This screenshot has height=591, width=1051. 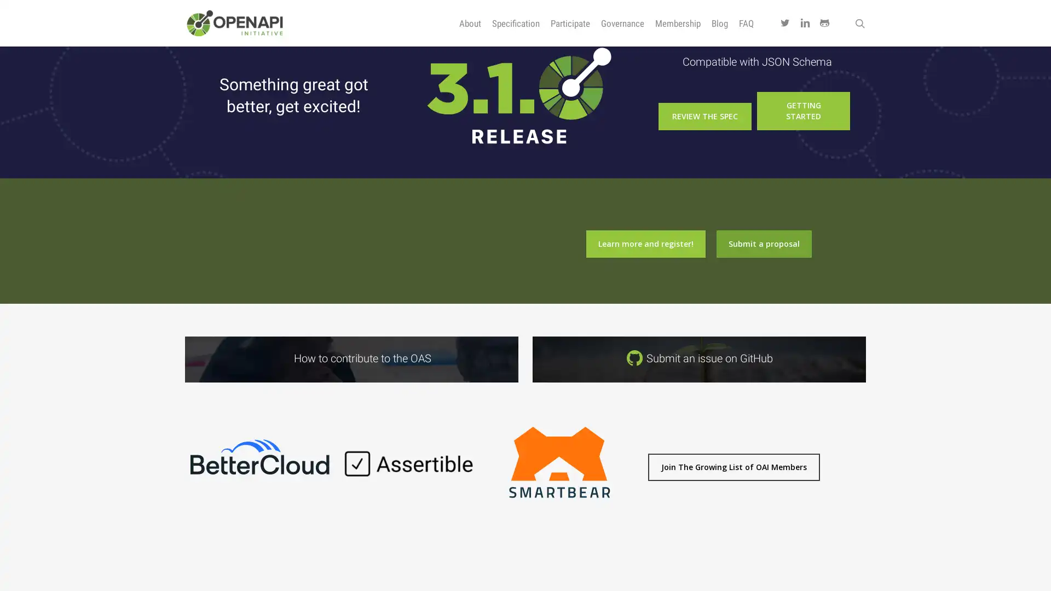 I want to click on Previous, so click(x=178, y=470).